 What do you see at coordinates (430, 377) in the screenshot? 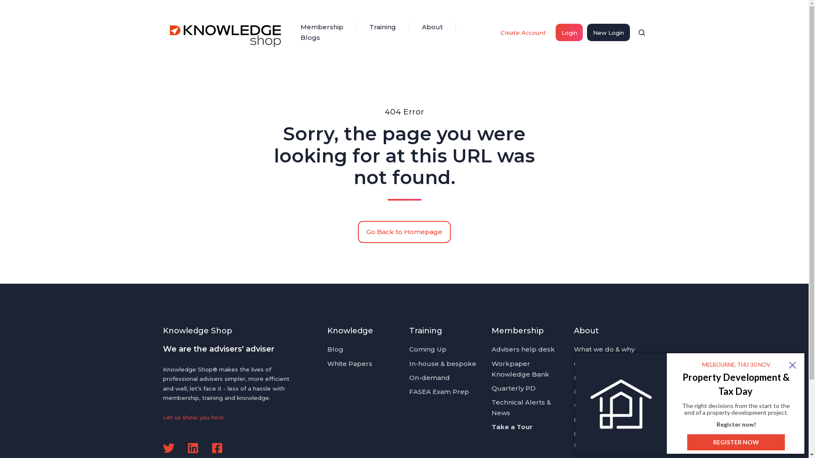
I see `'On-demand'` at bounding box center [430, 377].